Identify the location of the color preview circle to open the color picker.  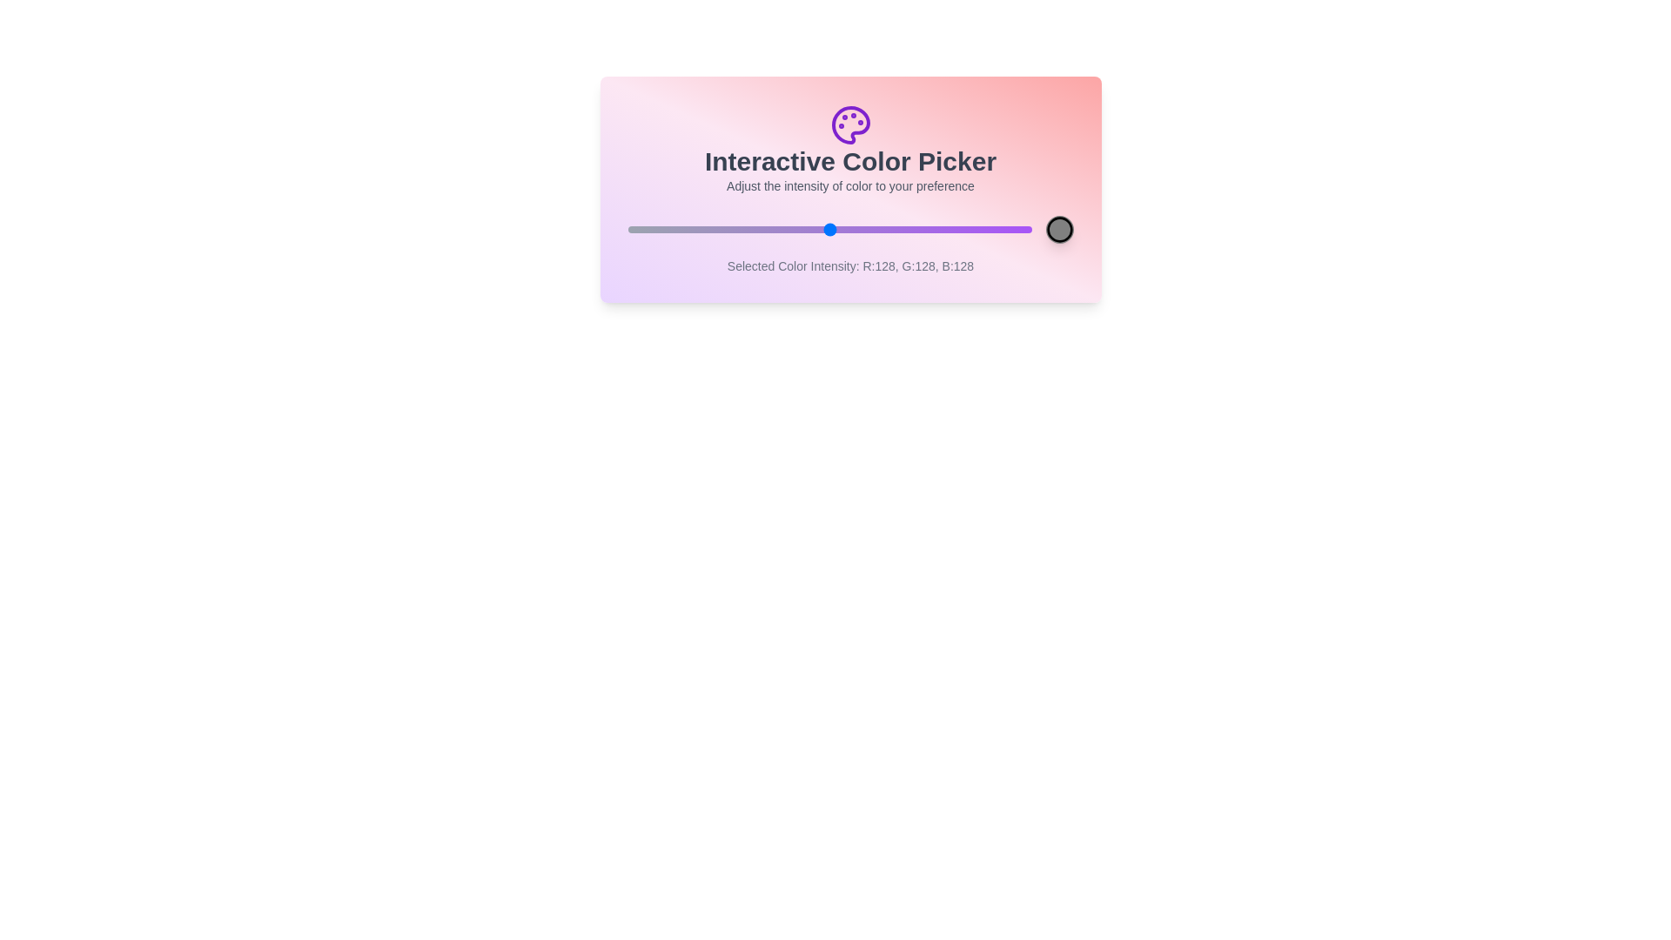
(1058, 228).